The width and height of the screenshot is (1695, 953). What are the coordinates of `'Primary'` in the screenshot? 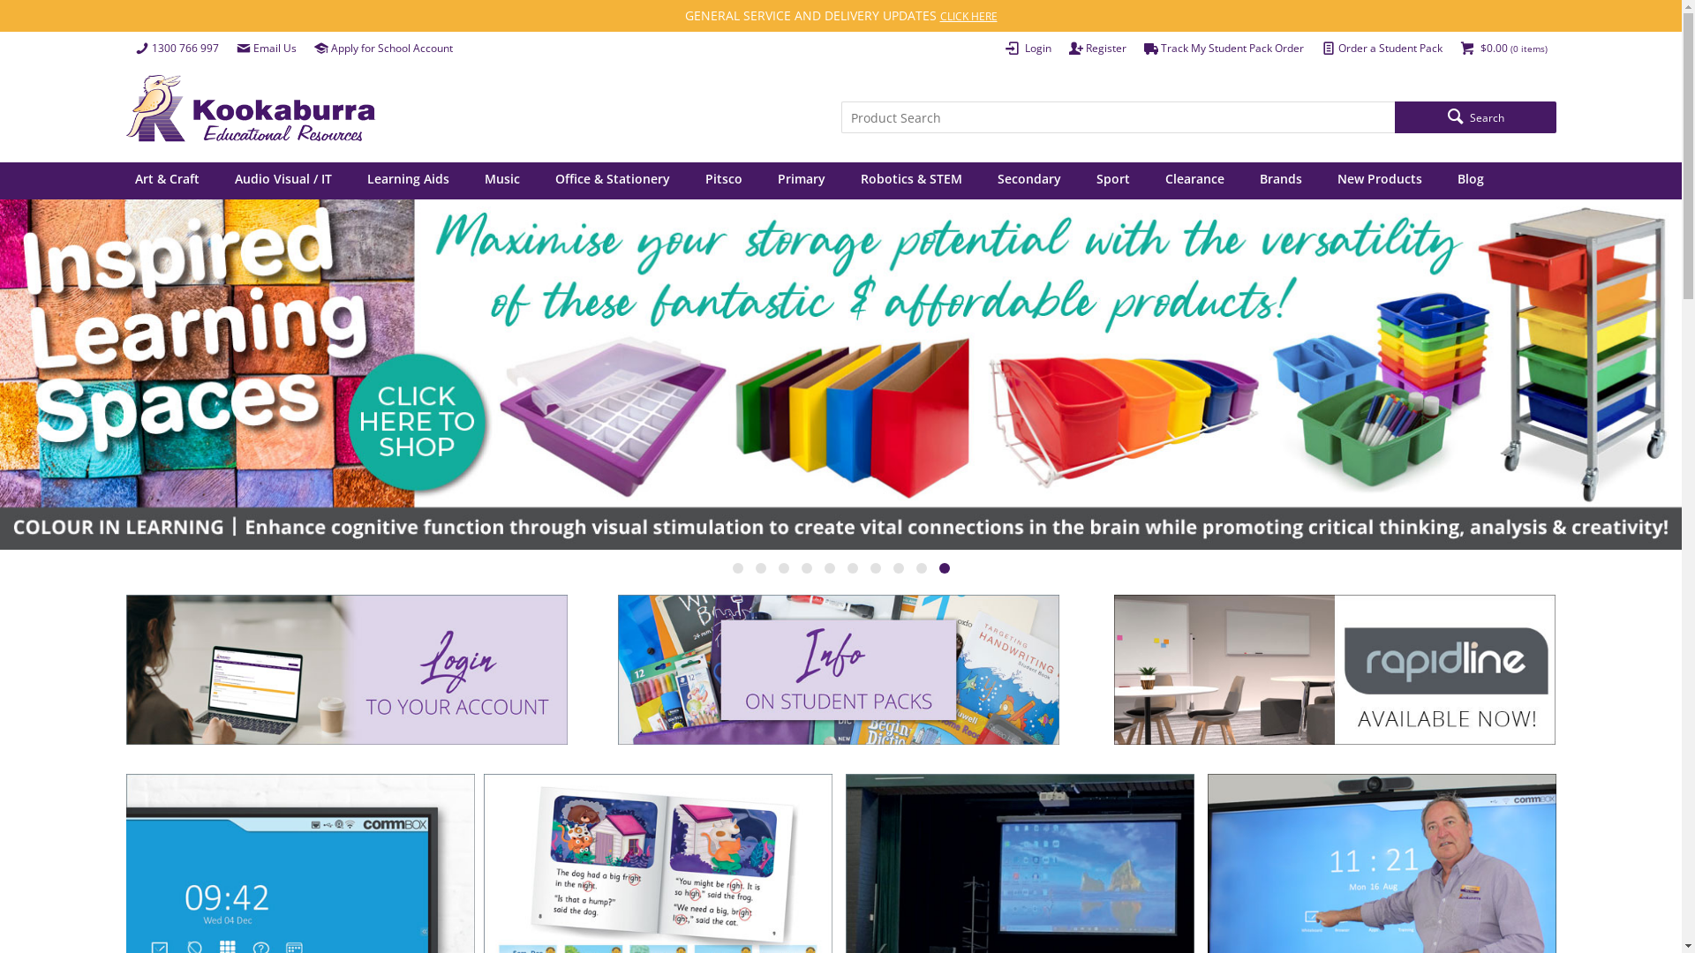 It's located at (800, 180).